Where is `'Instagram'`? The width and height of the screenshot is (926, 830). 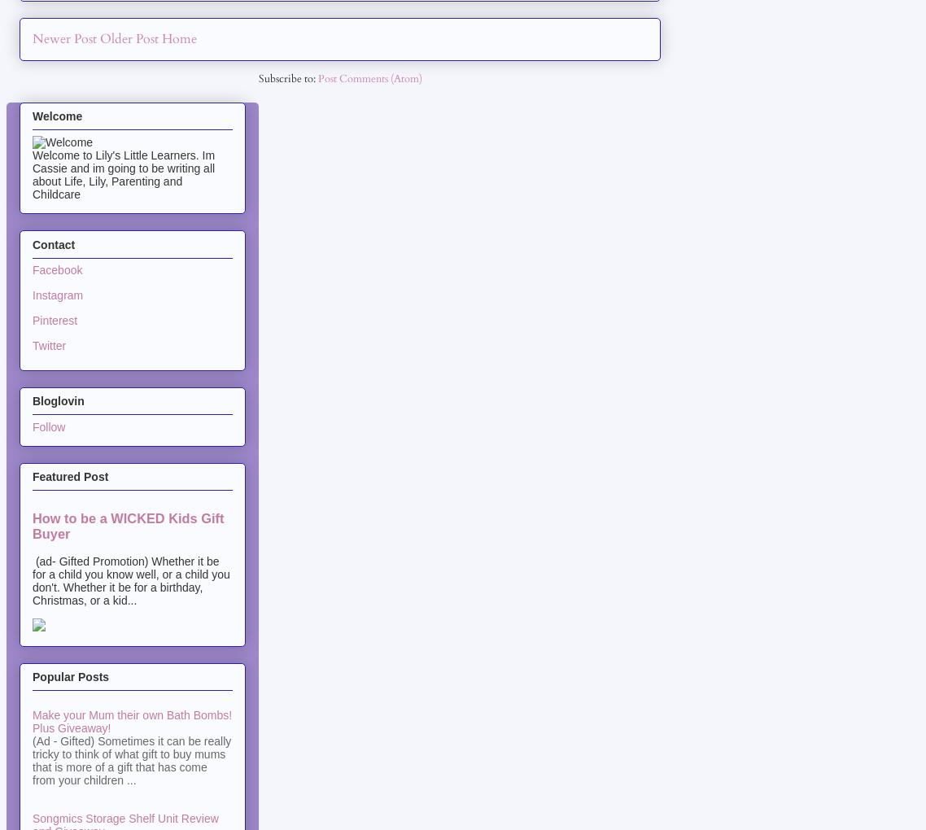
'Instagram' is located at coordinates (57, 293).